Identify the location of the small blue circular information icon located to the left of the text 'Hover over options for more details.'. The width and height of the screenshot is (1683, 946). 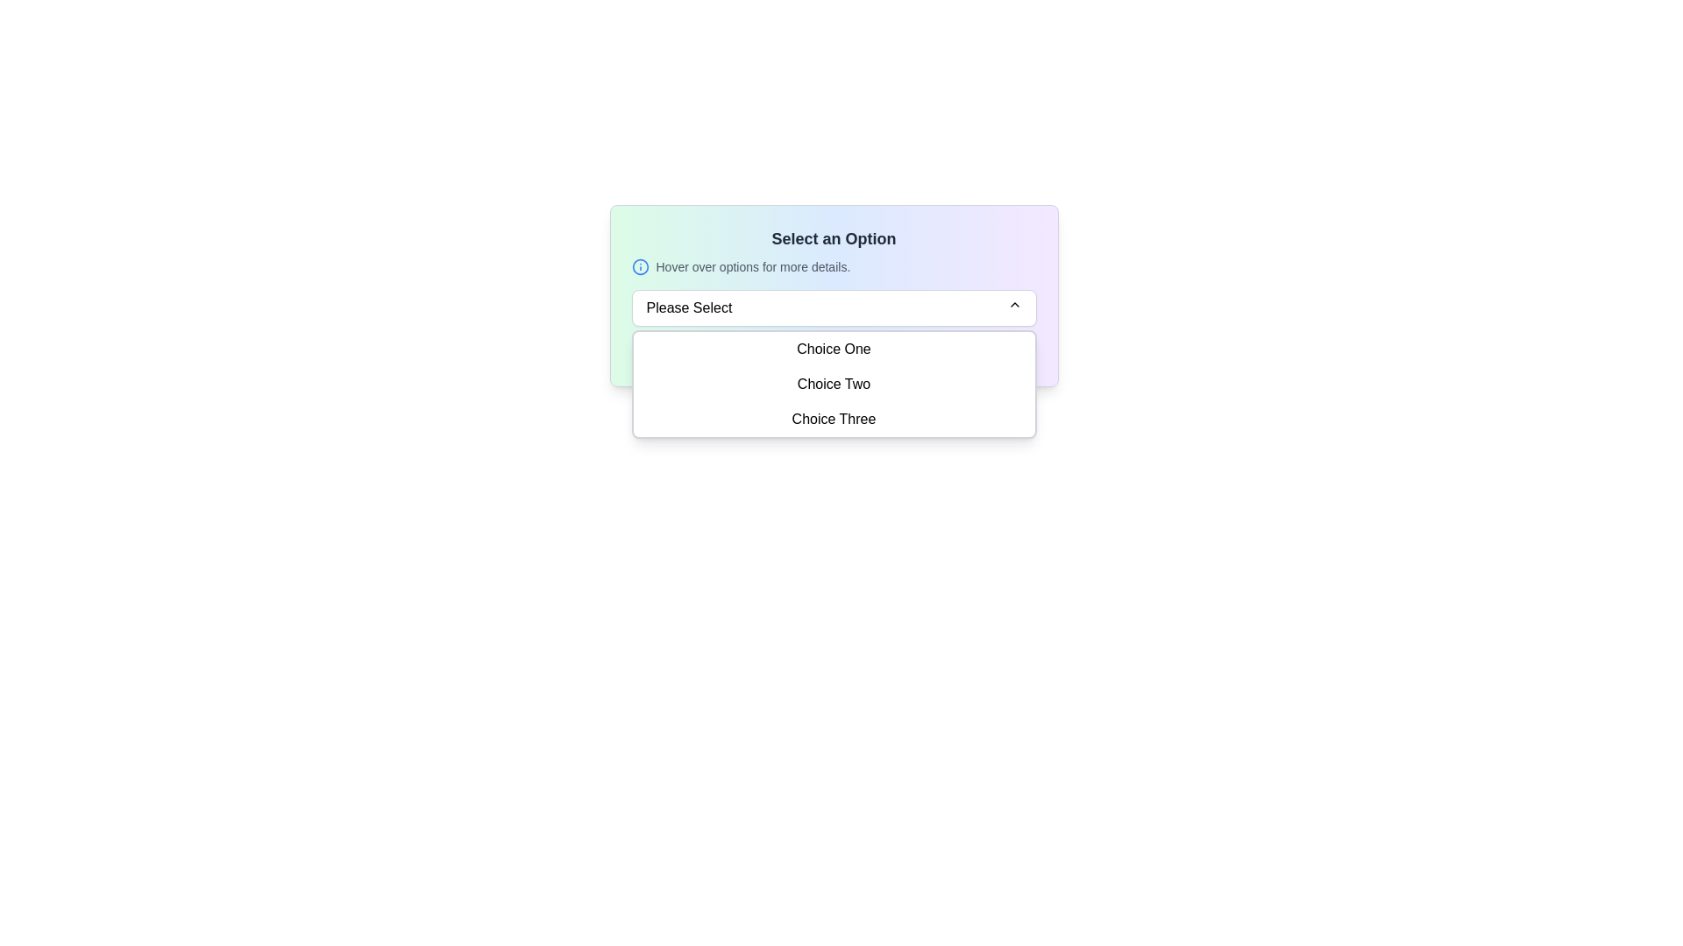
(639, 266).